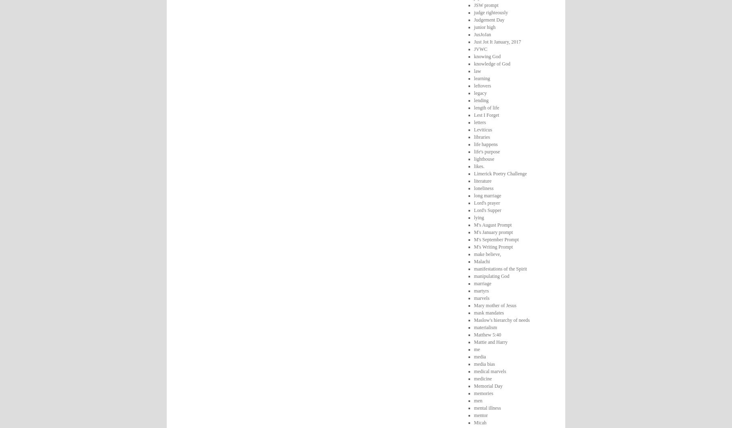 The image size is (732, 428). I want to click on 'Leviticus', so click(473, 129).